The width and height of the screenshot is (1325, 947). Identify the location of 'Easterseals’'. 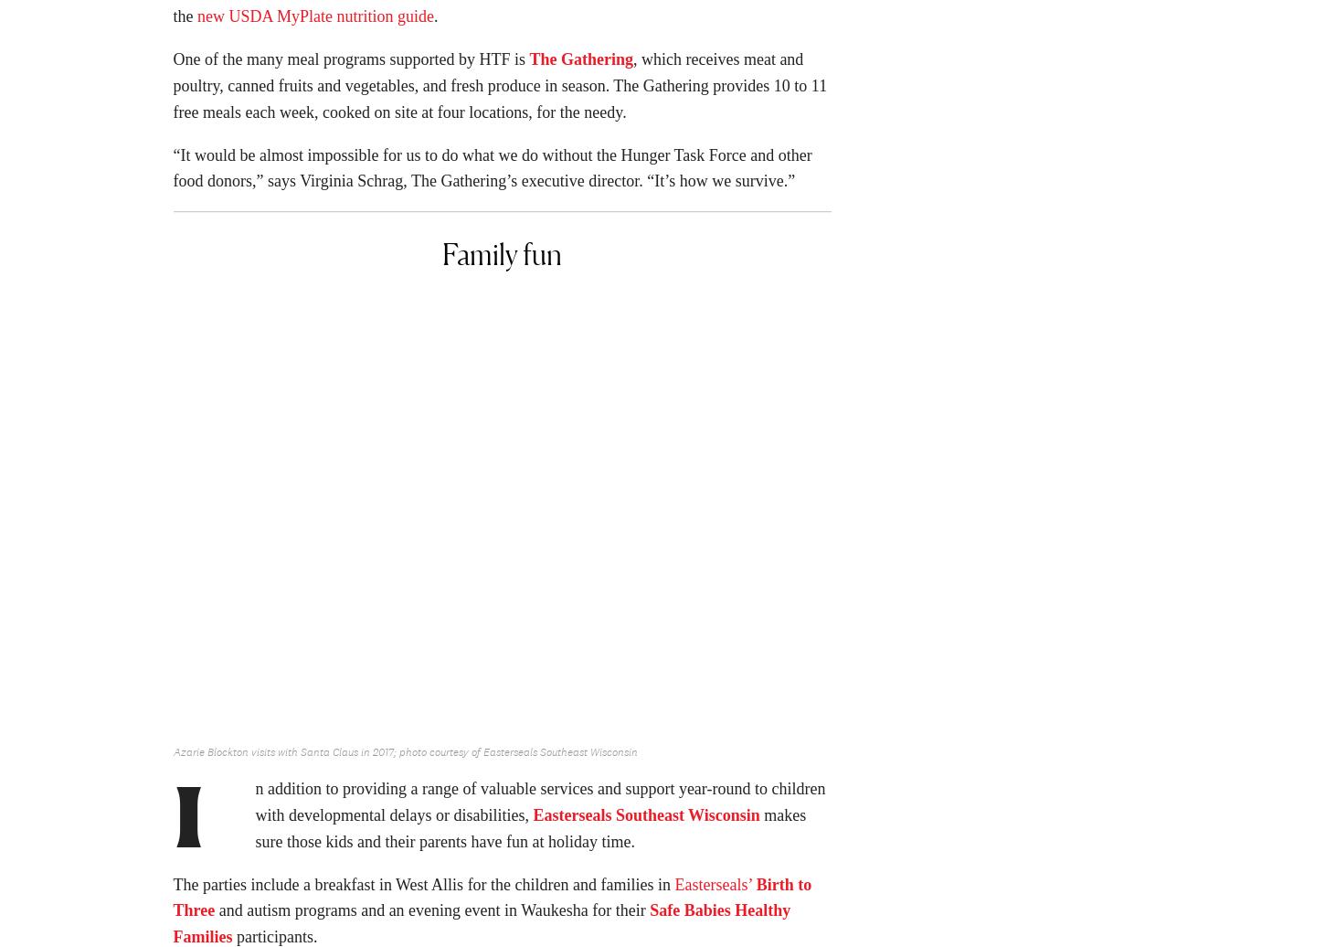
(715, 890).